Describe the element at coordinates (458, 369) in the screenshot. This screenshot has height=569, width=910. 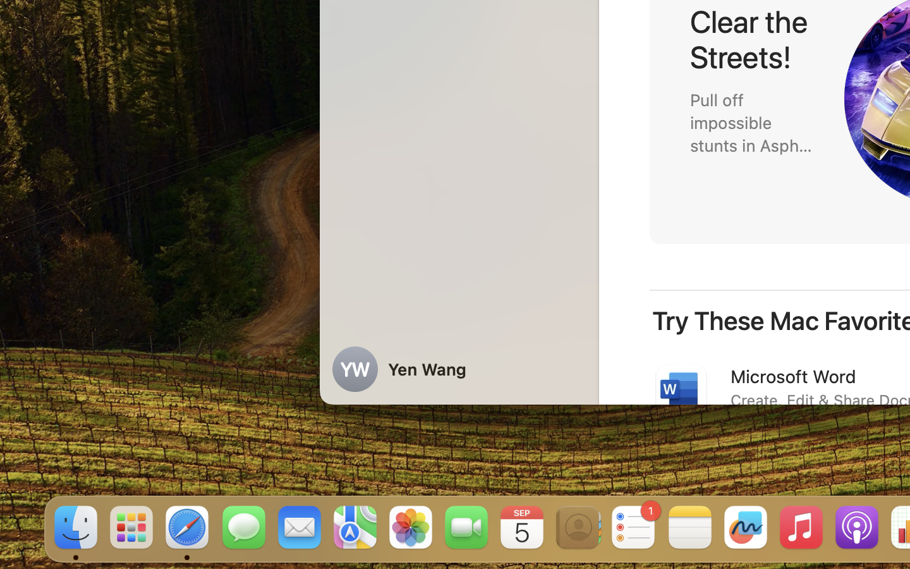
I see `'Yen Wang'` at that location.